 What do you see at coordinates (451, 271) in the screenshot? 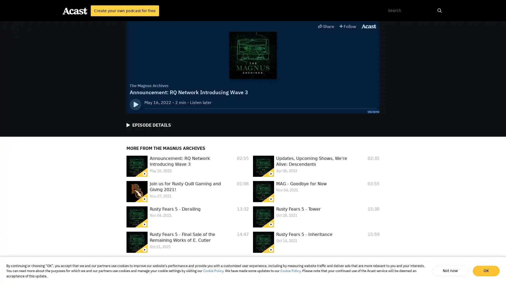
I see `Not now` at bounding box center [451, 271].